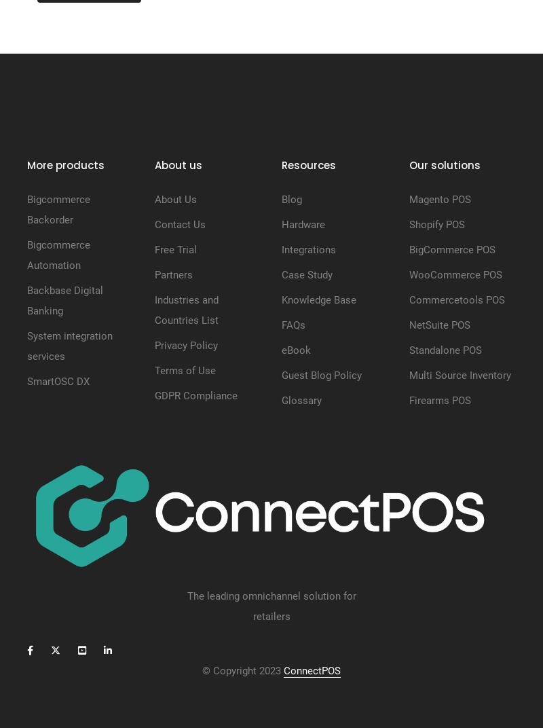  Describe the element at coordinates (319, 299) in the screenshot. I see `'Knowledge Base'` at that location.